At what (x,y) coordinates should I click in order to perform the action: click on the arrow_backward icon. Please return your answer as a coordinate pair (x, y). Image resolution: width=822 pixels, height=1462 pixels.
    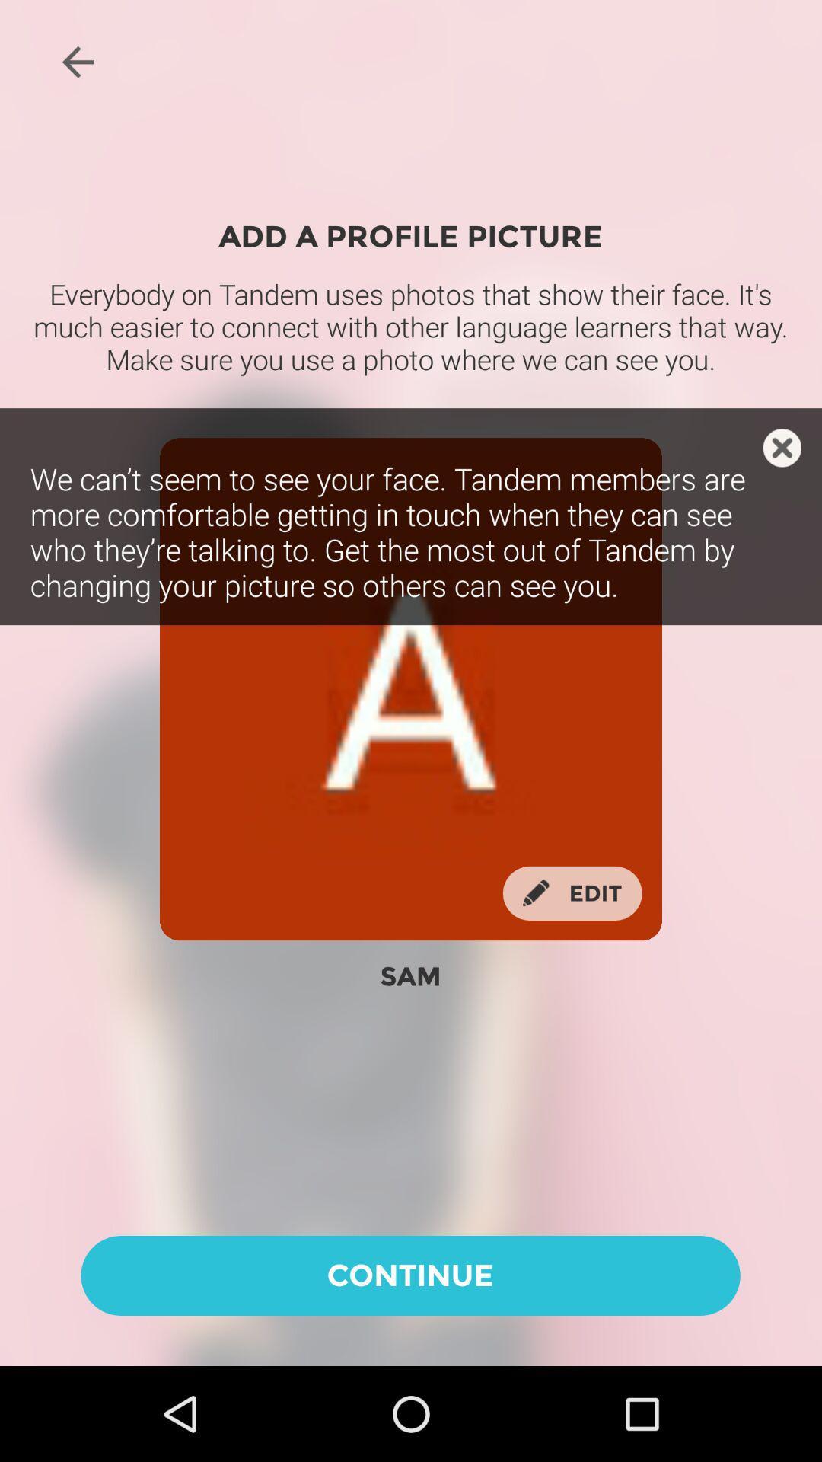
    Looking at the image, I should click on (78, 61).